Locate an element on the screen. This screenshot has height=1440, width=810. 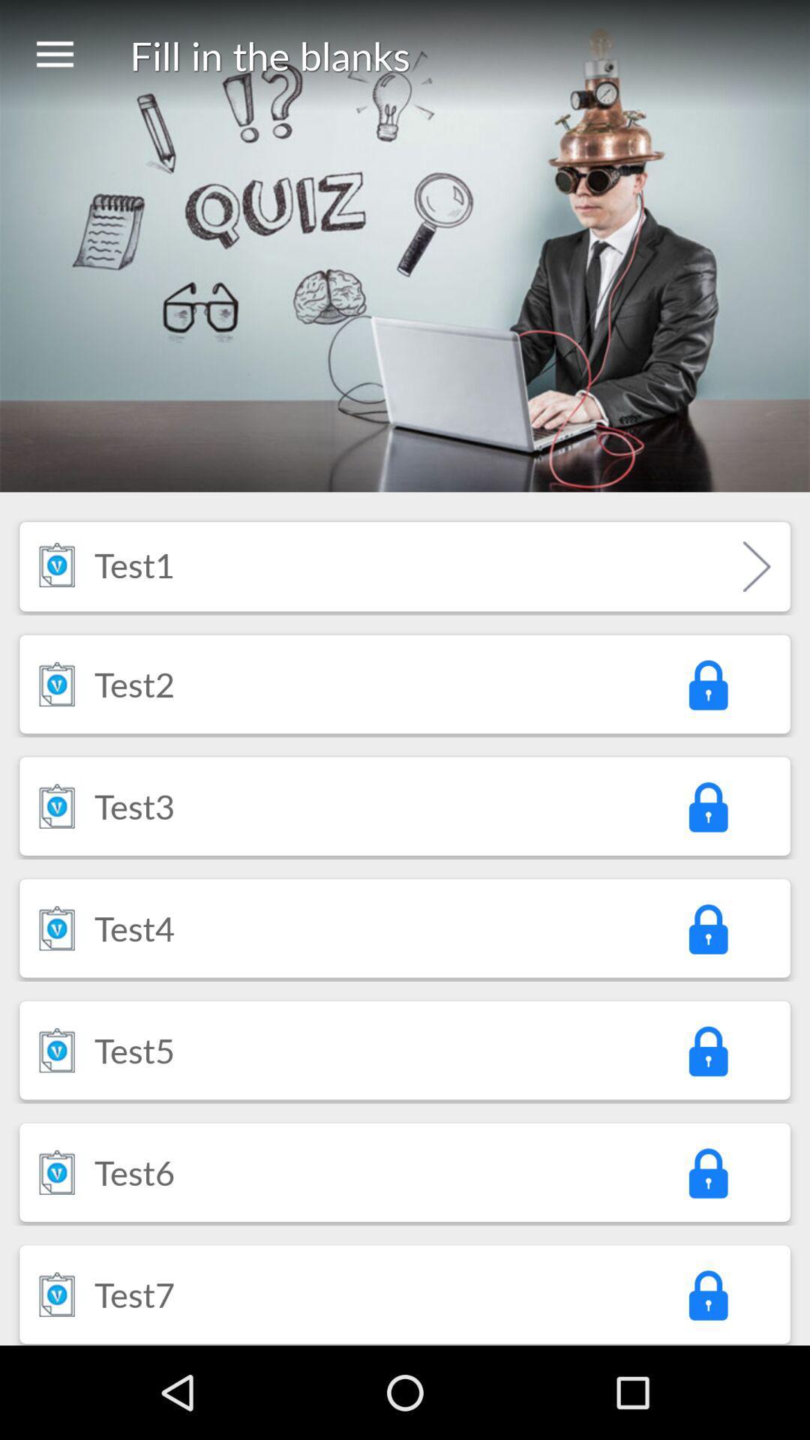
the item next to the test3 item is located at coordinates (56, 805).